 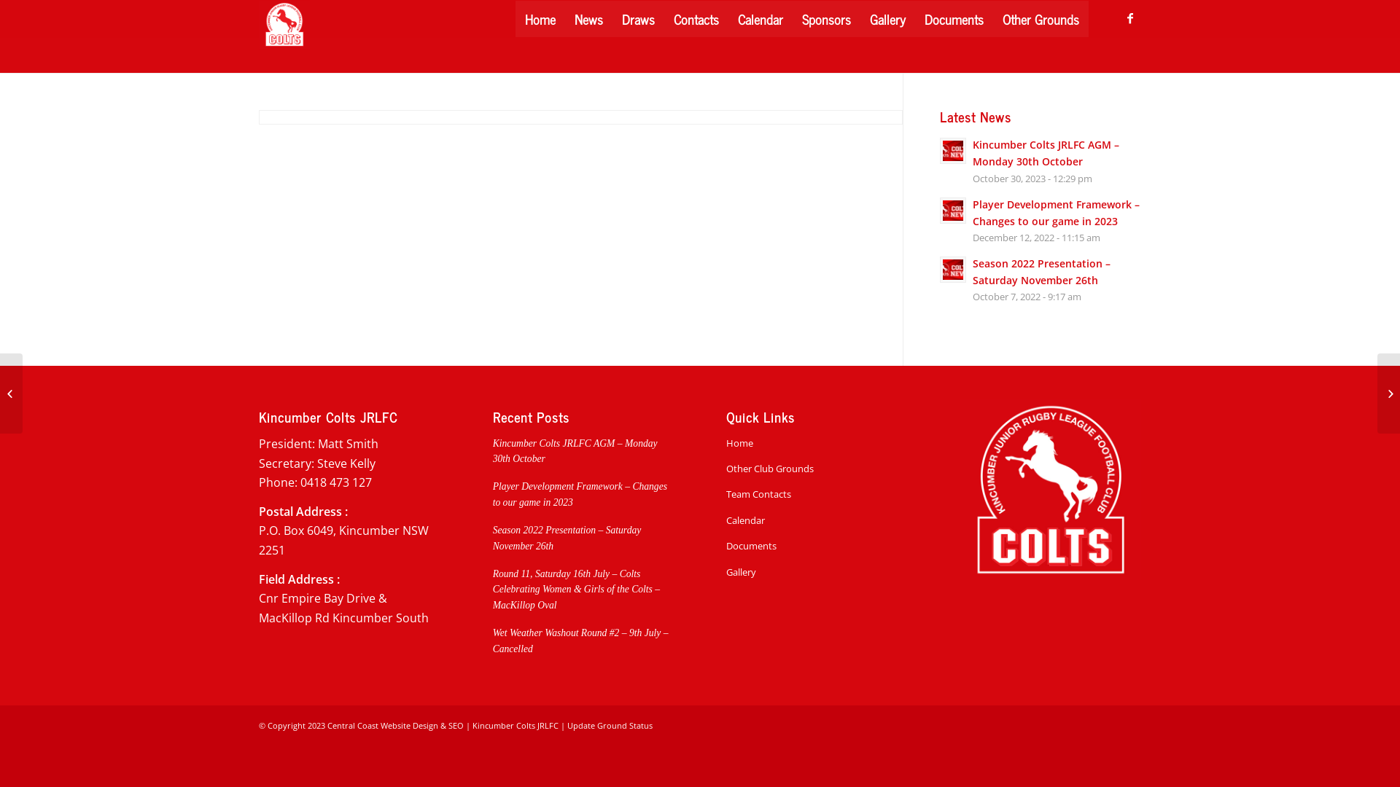 I want to click on 'Calendar', so click(x=759, y=19).